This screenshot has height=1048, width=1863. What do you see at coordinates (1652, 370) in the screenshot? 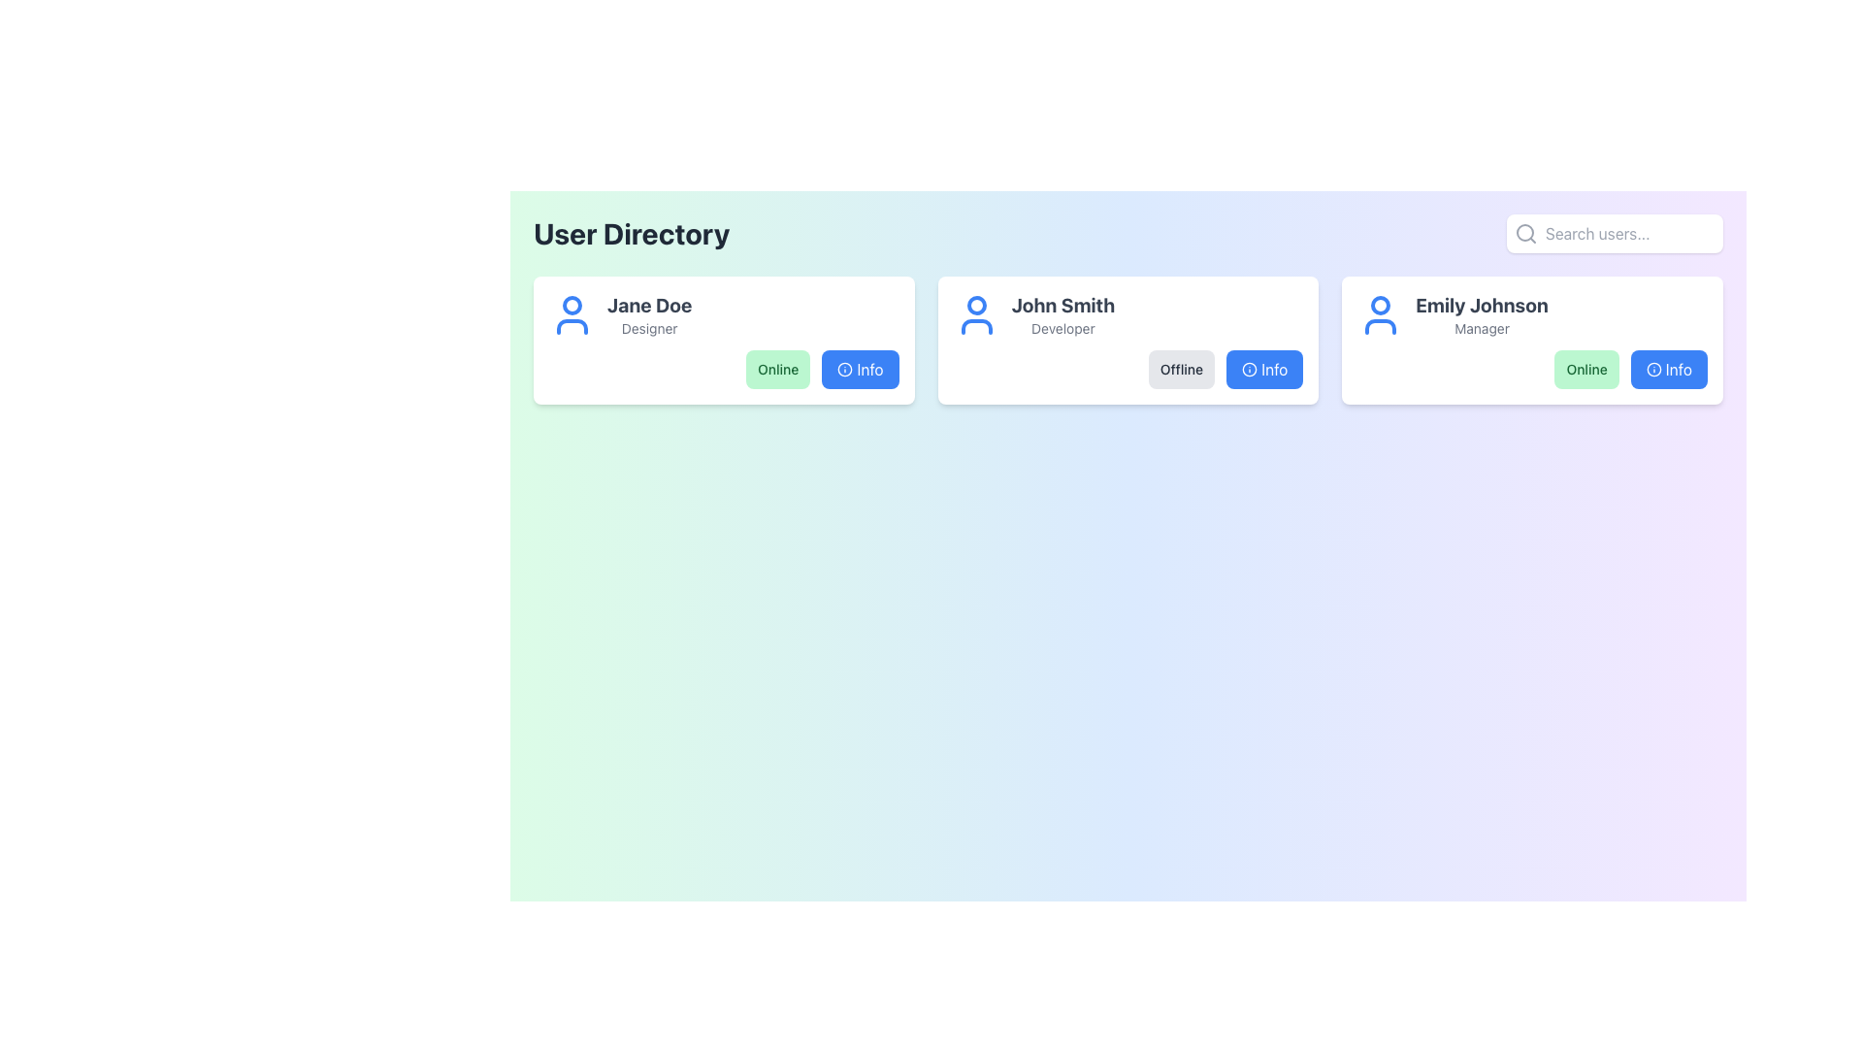
I see `the circular blue-bordered information icon with a white center, located within the 'Info' button on Emily Johnson's user card` at bounding box center [1652, 370].